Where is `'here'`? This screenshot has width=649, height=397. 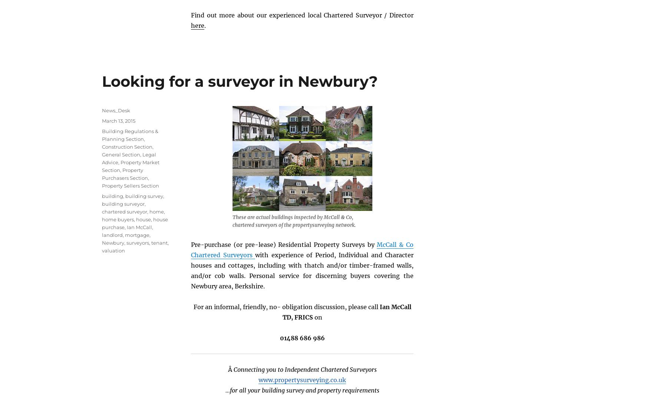 'here' is located at coordinates (197, 25).